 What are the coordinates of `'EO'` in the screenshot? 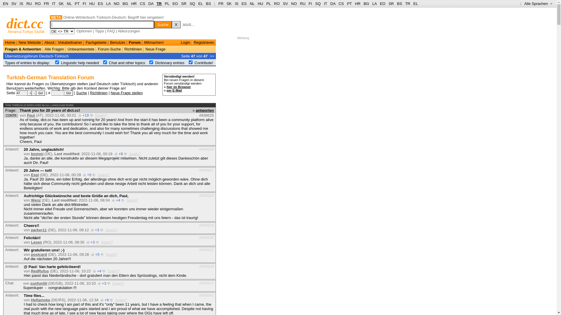 It's located at (380, 3).